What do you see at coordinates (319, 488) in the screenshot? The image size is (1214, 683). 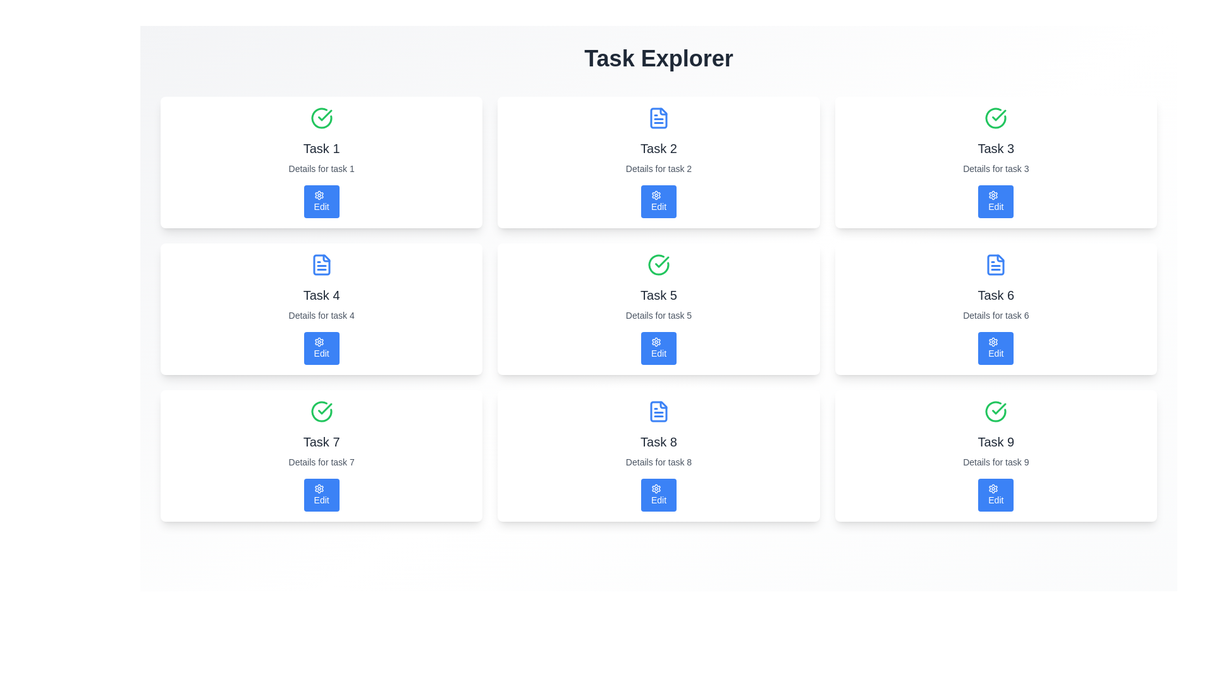 I see `the icon that visually signifies the edit action for 'Task 7', located within the blue button below the 'Task 7' card, preceding the 'Edit' text` at bounding box center [319, 488].